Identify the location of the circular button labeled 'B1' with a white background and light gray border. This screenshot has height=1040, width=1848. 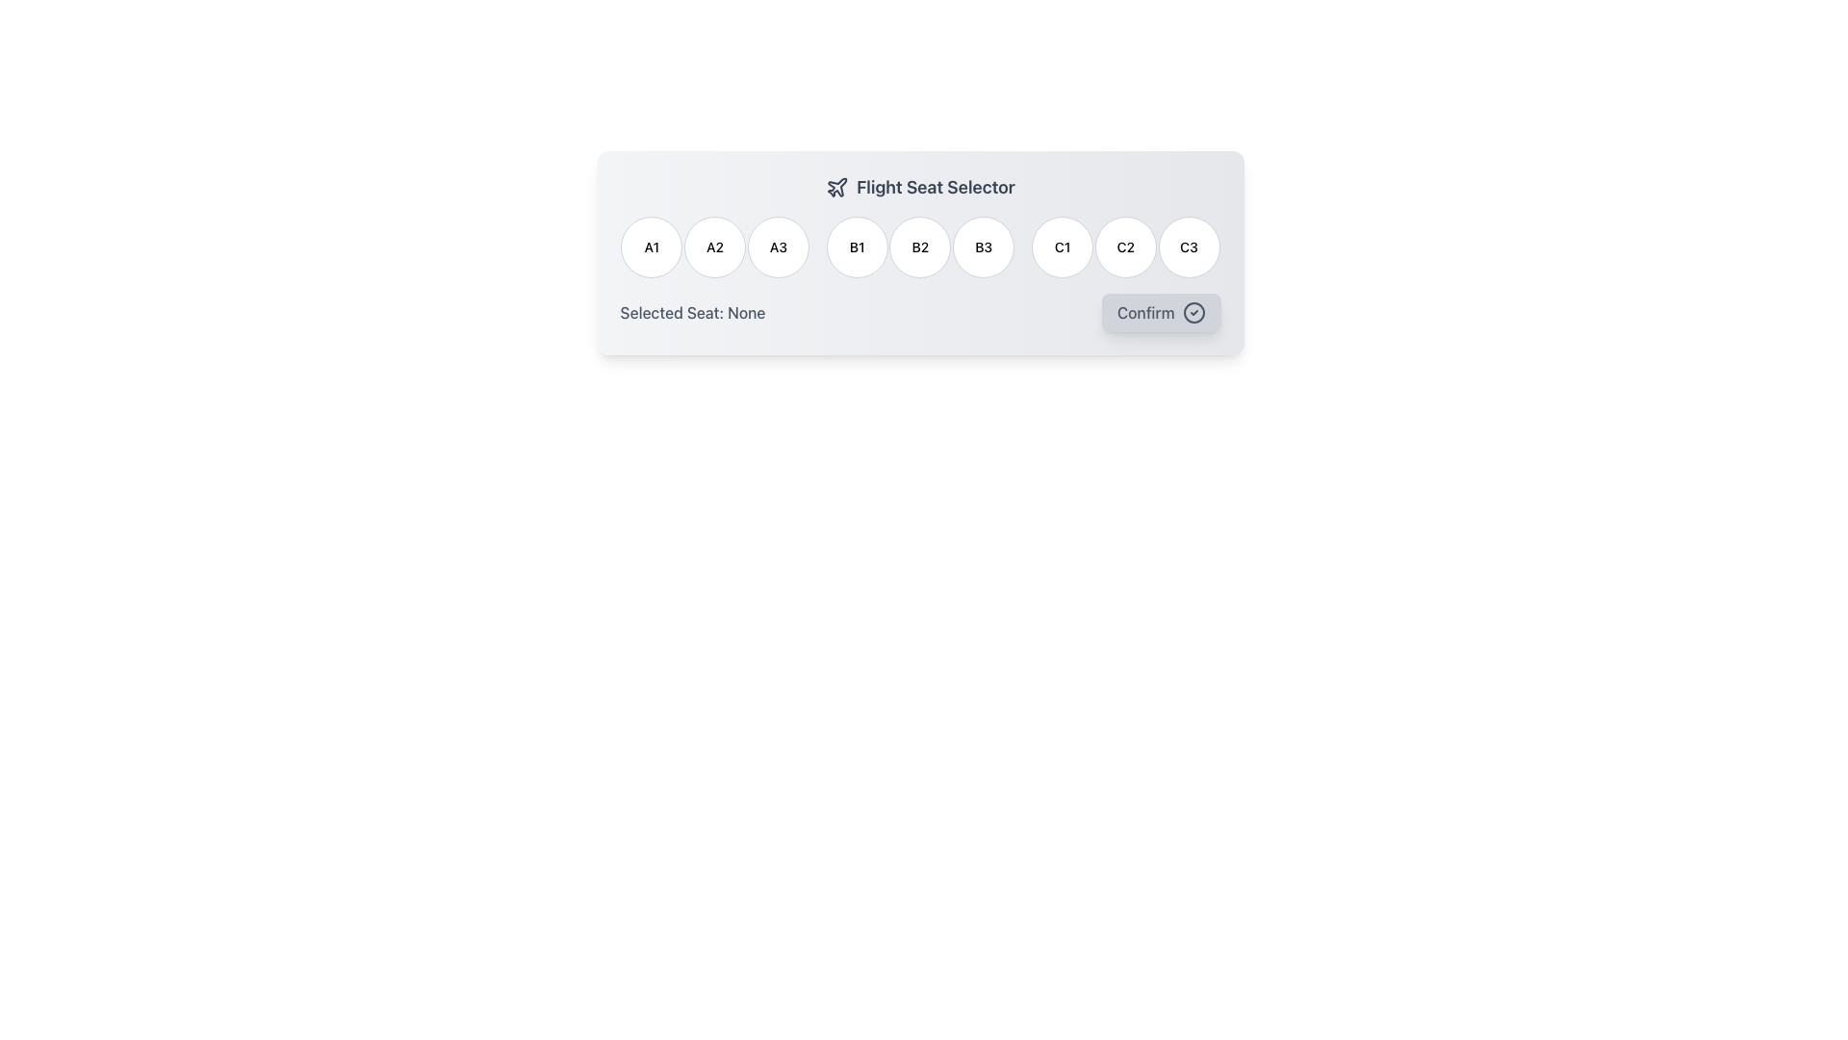
(856, 247).